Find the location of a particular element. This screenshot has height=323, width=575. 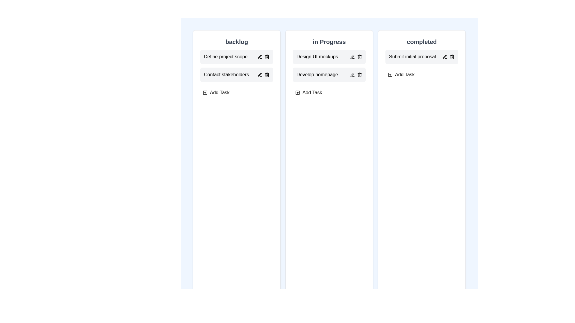

the edit icon of the task 'Design UI mockups' in the 'in Progress' column is located at coordinates (352, 57).